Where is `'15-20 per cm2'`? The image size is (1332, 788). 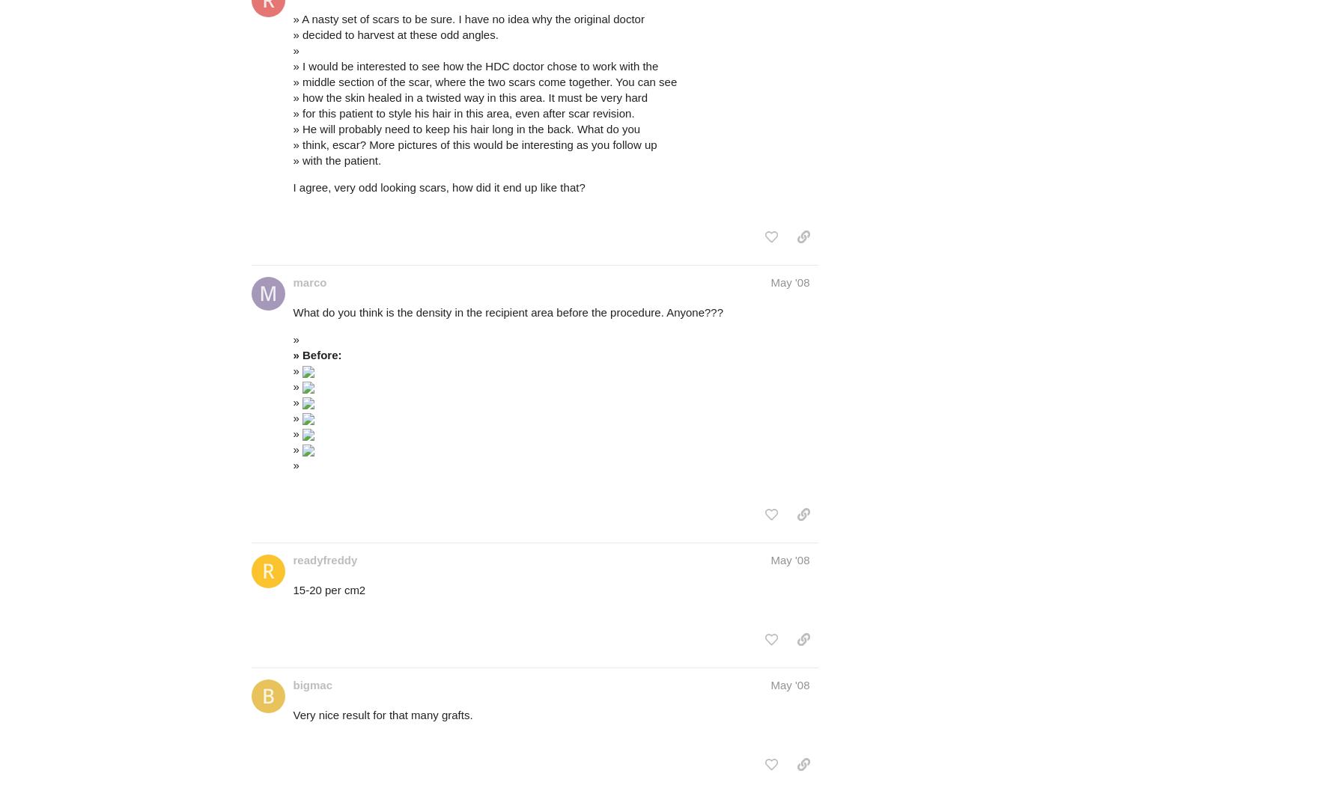
'15-20 per cm2' is located at coordinates (292, 590).